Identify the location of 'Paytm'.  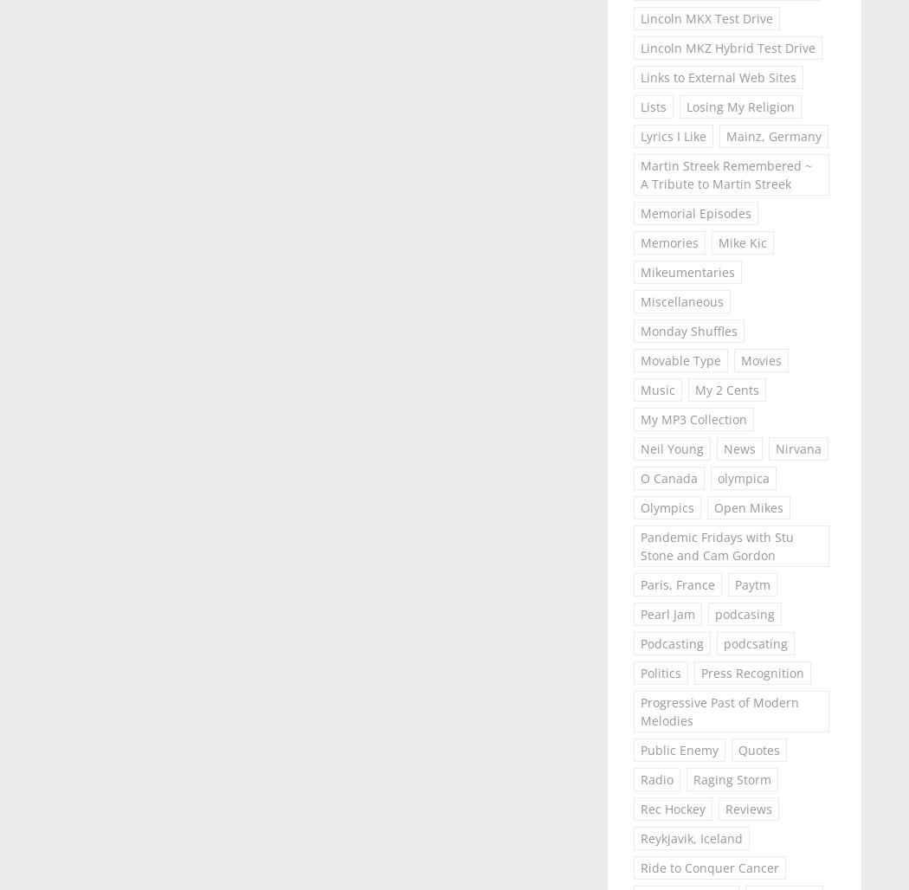
(751, 584).